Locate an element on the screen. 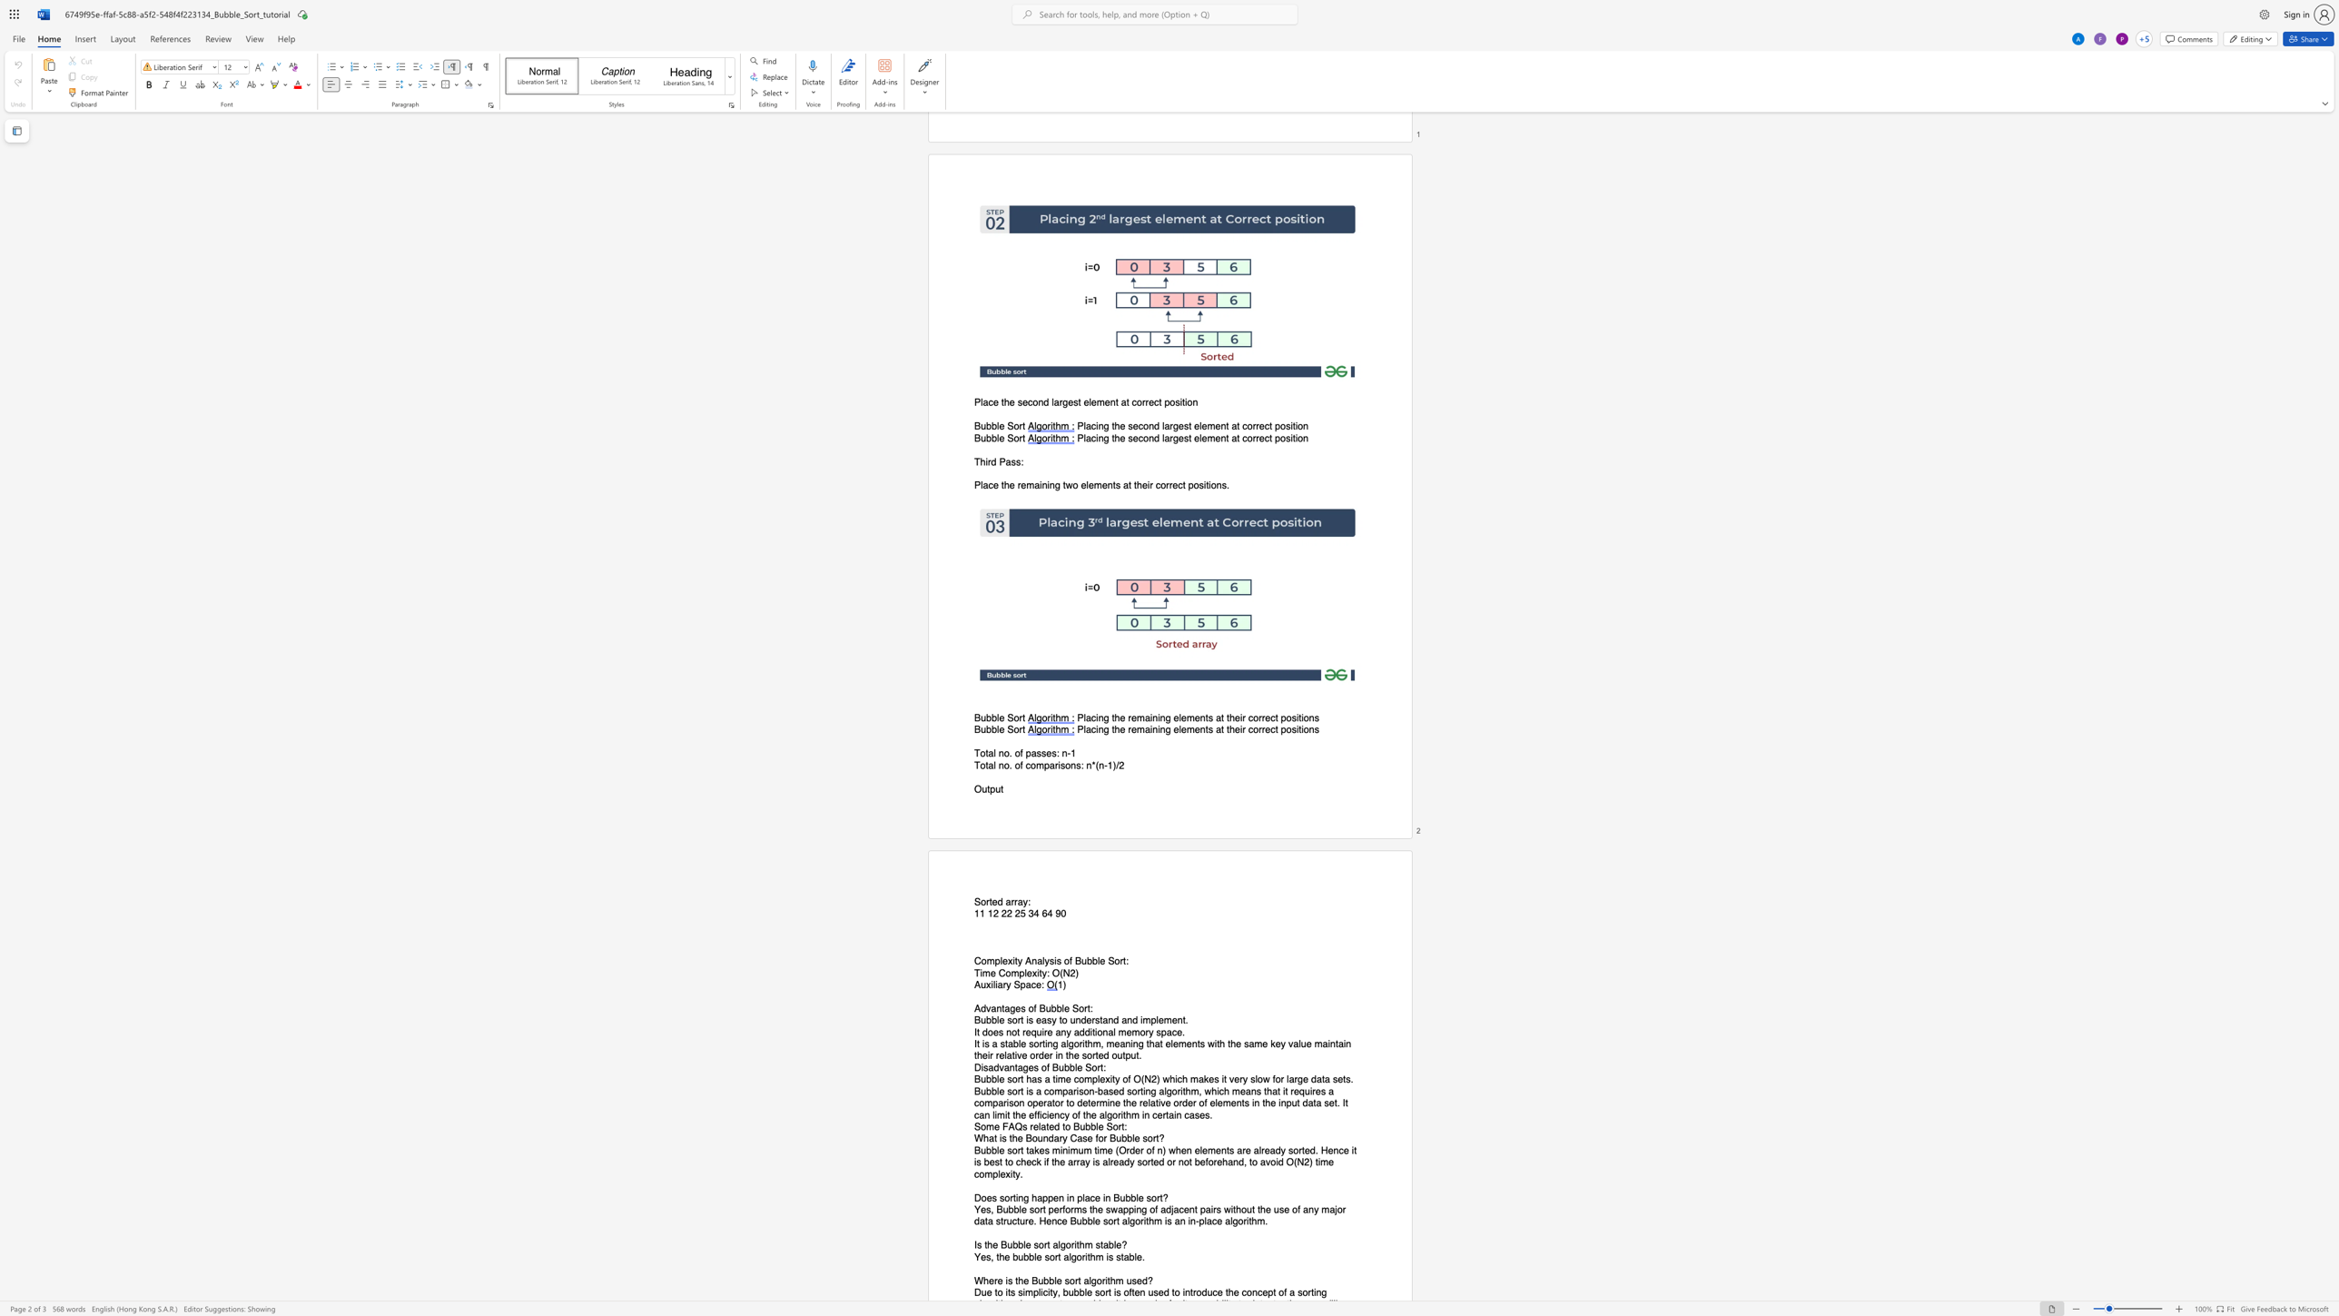  the 1th character "I" in the text is located at coordinates (974, 1032).